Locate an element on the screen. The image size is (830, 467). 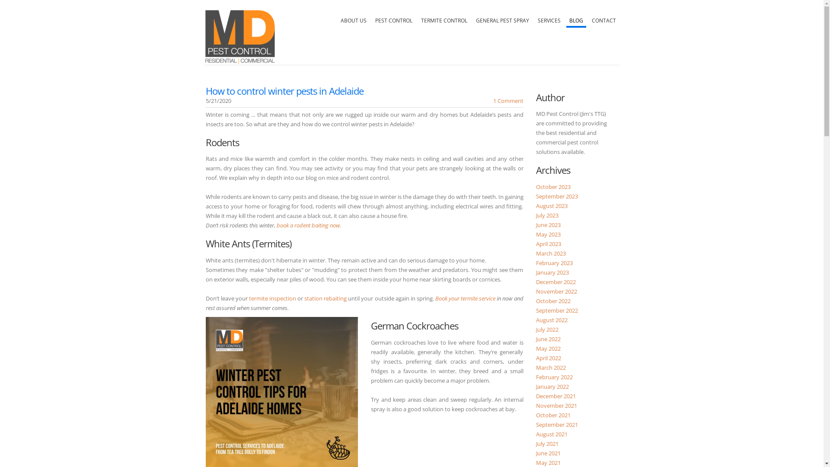
'November 2022' is located at coordinates (556, 291).